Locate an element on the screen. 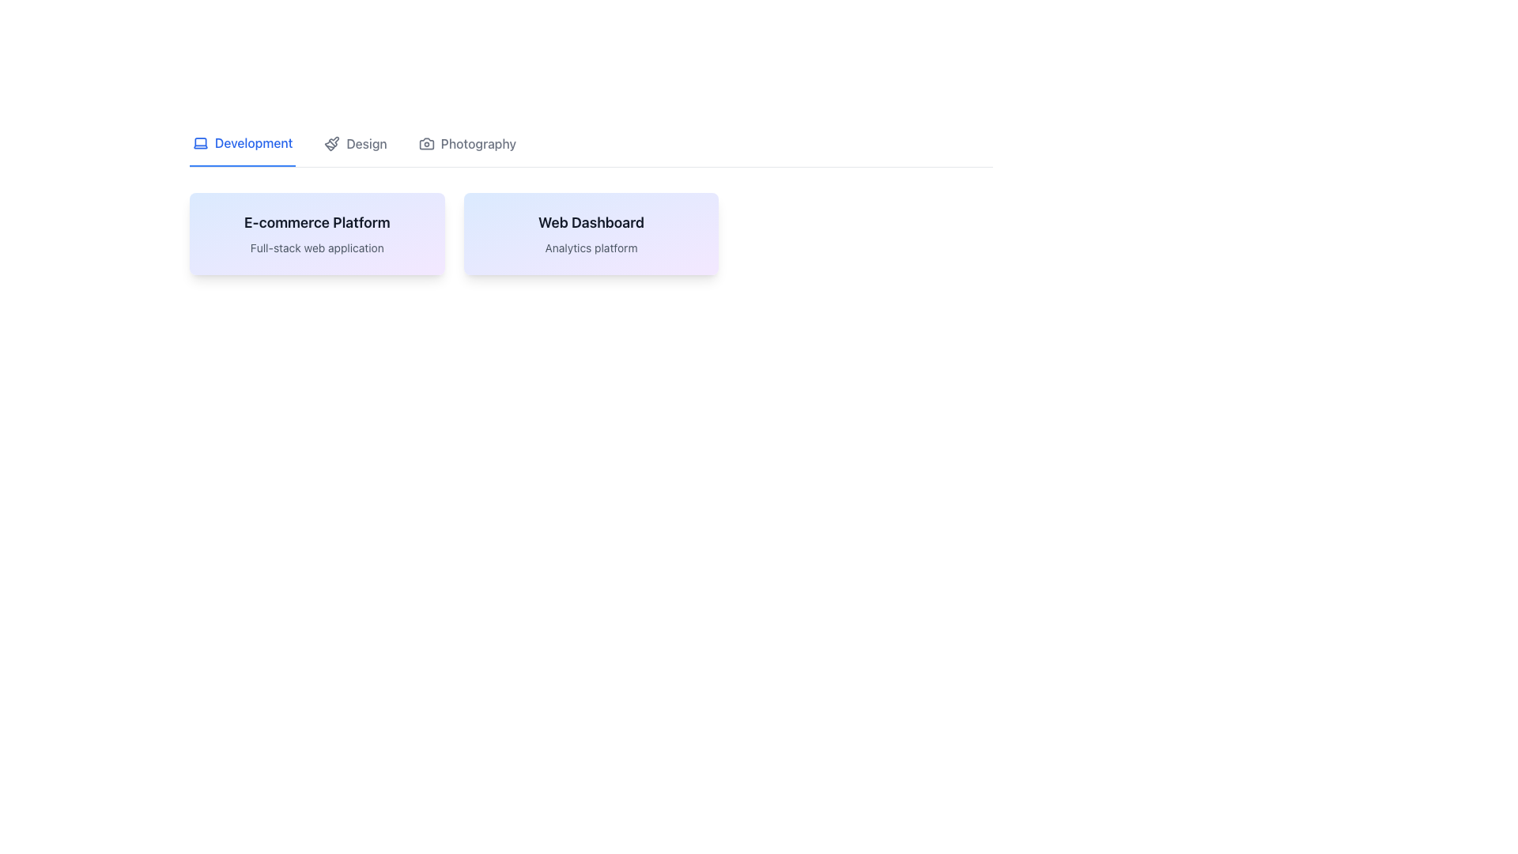 Image resolution: width=1518 pixels, height=854 pixels. the static text label displaying 'Full-stack web application', which is styled in a smaller font size and appears in light gray below the title 'E-commerce Platform' is located at coordinates (316, 248).